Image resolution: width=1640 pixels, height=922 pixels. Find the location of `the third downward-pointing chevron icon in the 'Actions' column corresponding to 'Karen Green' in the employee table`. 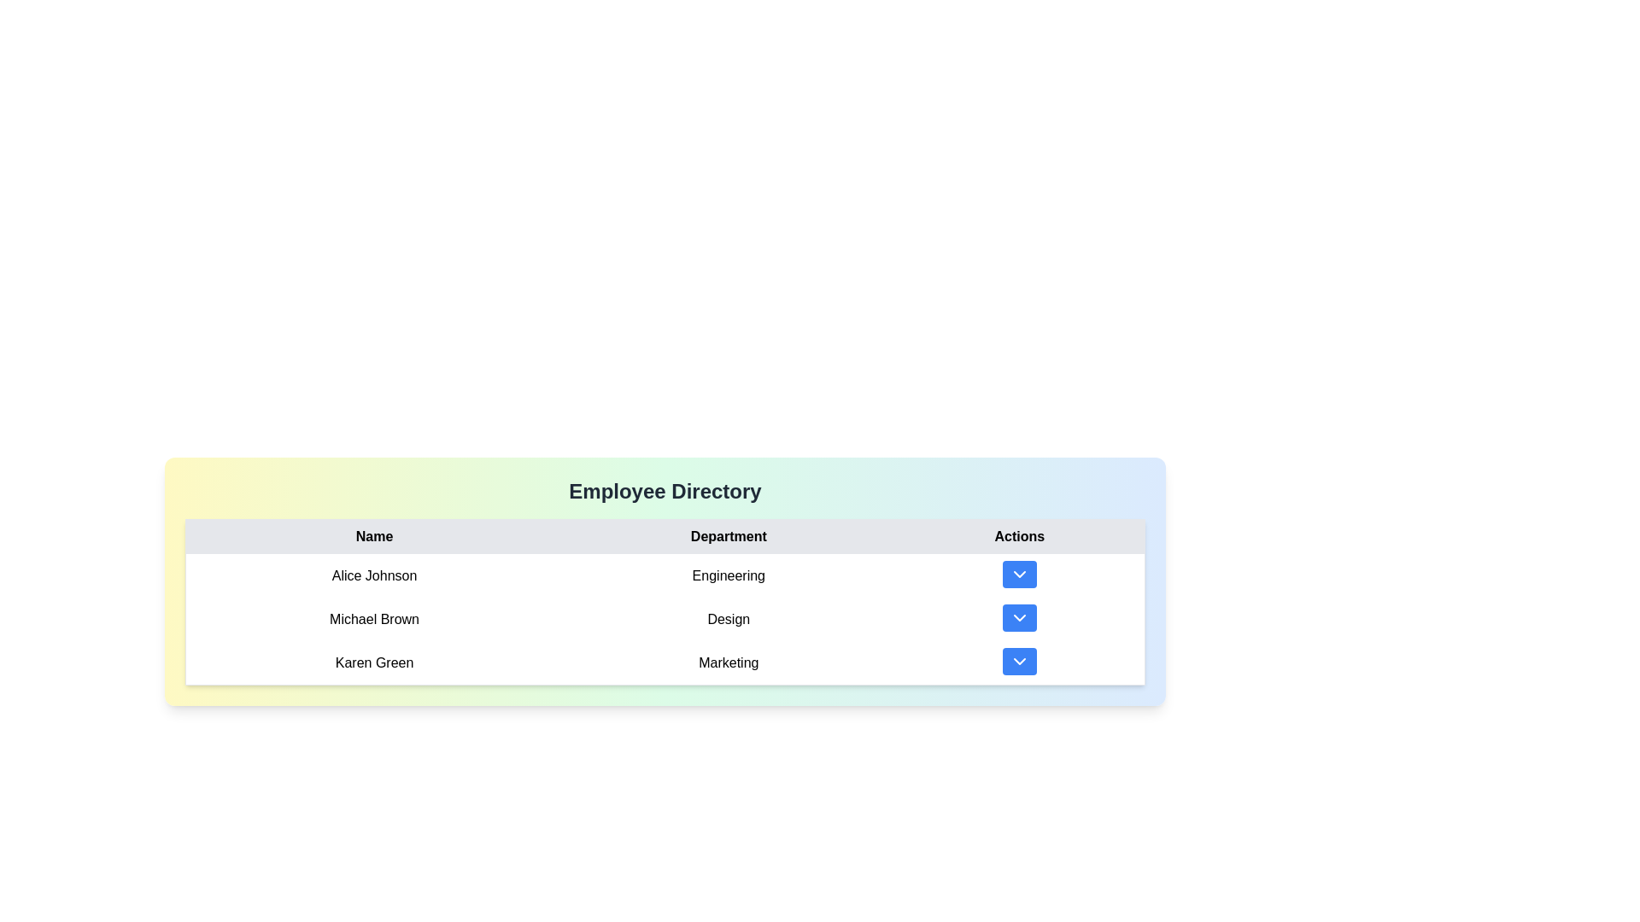

the third downward-pointing chevron icon in the 'Actions' column corresponding to 'Karen Green' in the employee table is located at coordinates (1019, 661).